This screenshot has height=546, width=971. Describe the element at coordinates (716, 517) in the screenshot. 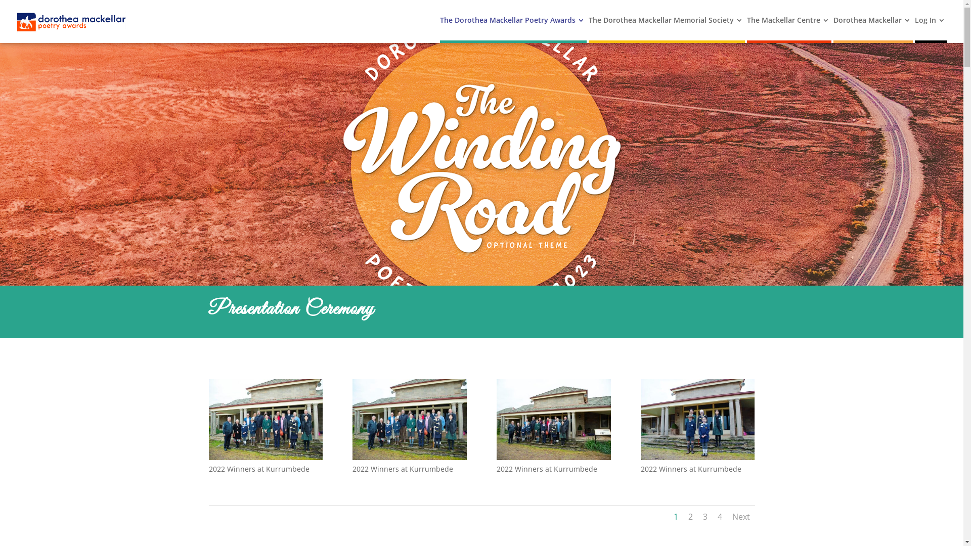

I see `'4'` at that location.